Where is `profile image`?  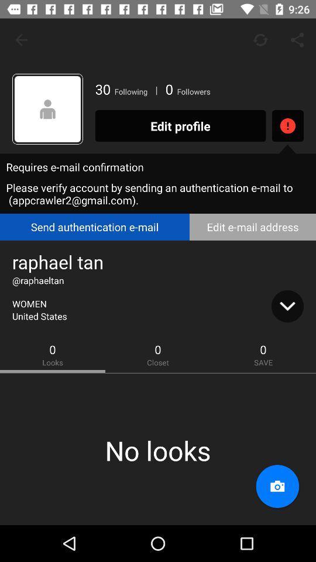
profile image is located at coordinates (47, 109).